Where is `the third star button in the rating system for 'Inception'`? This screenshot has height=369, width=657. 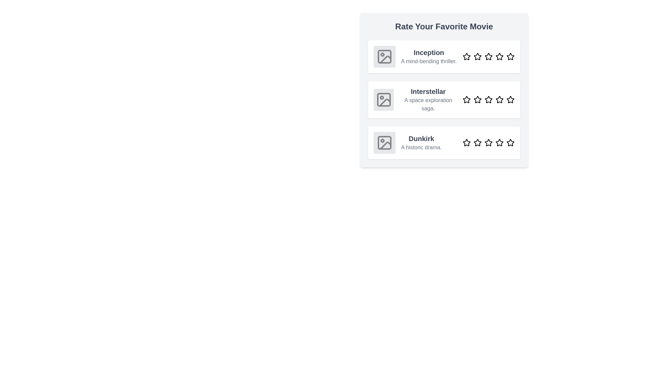 the third star button in the rating system for 'Inception' is located at coordinates (488, 56).